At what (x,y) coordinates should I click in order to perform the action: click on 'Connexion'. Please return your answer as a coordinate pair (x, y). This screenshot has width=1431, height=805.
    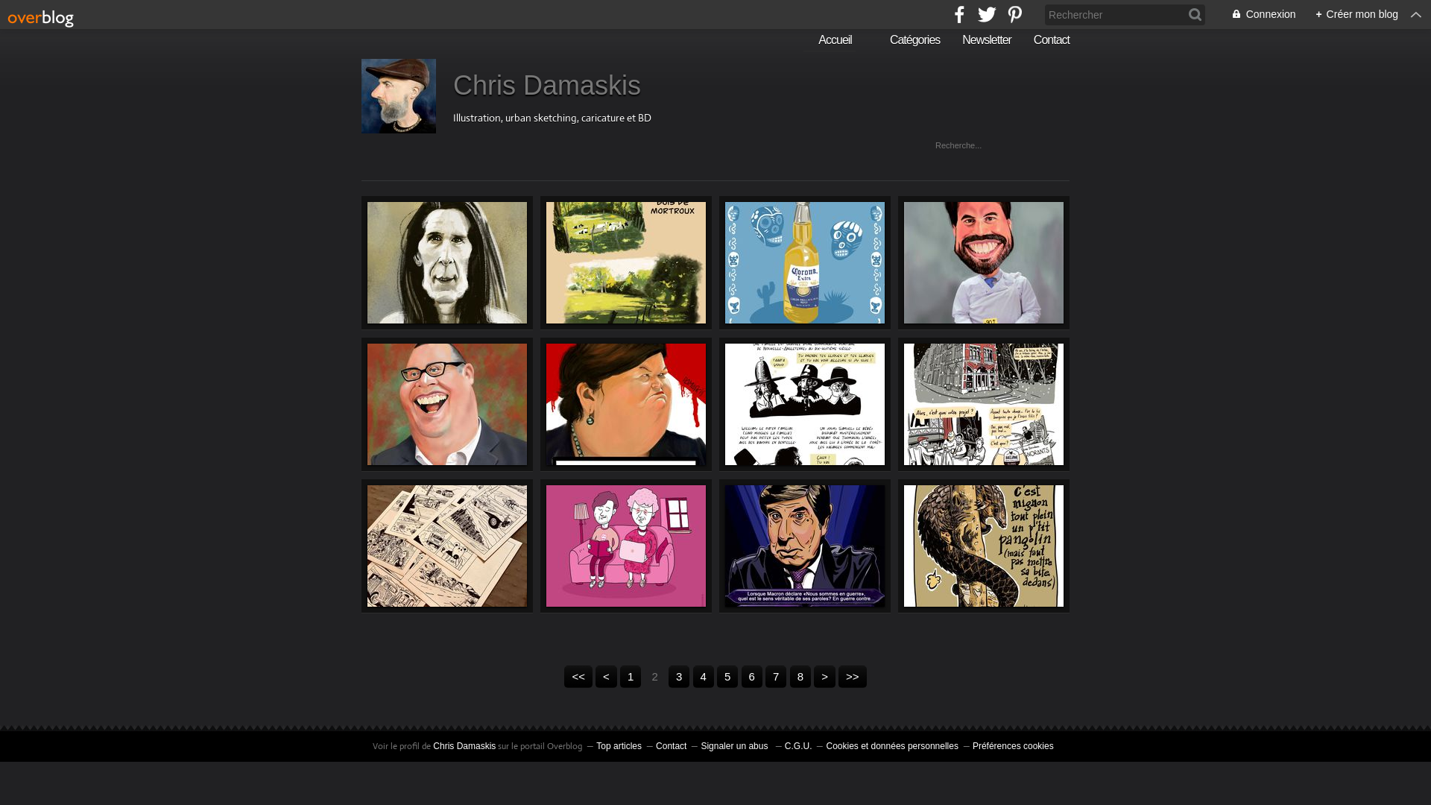
    Looking at the image, I should click on (1254, 14).